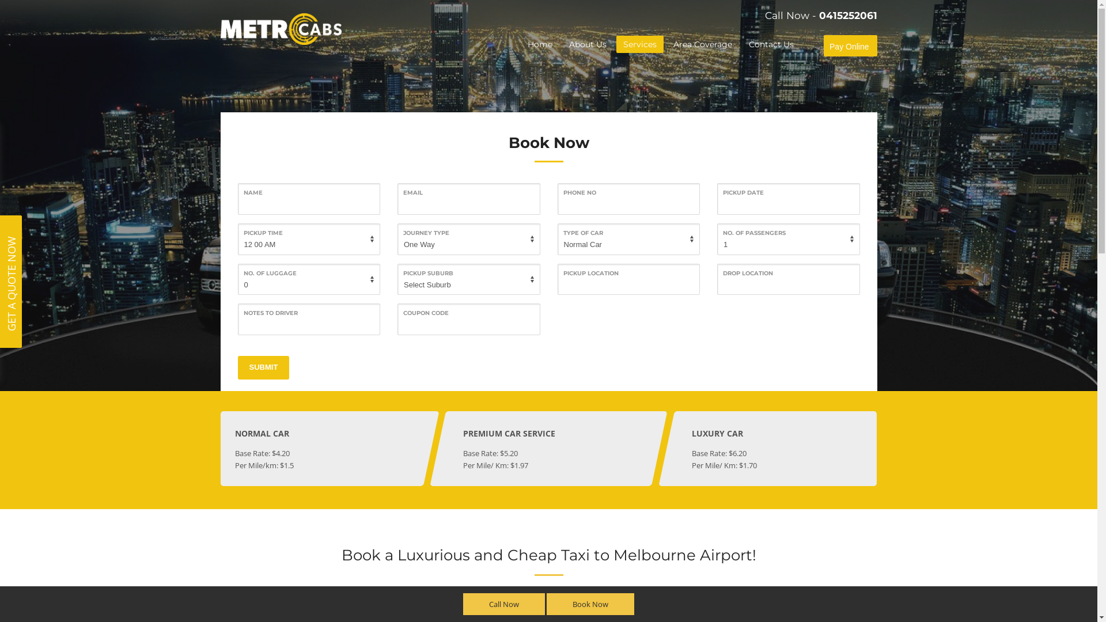 Image resolution: width=1106 pixels, height=622 pixels. What do you see at coordinates (262, 367) in the screenshot?
I see `'SUBMIT'` at bounding box center [262, 367].